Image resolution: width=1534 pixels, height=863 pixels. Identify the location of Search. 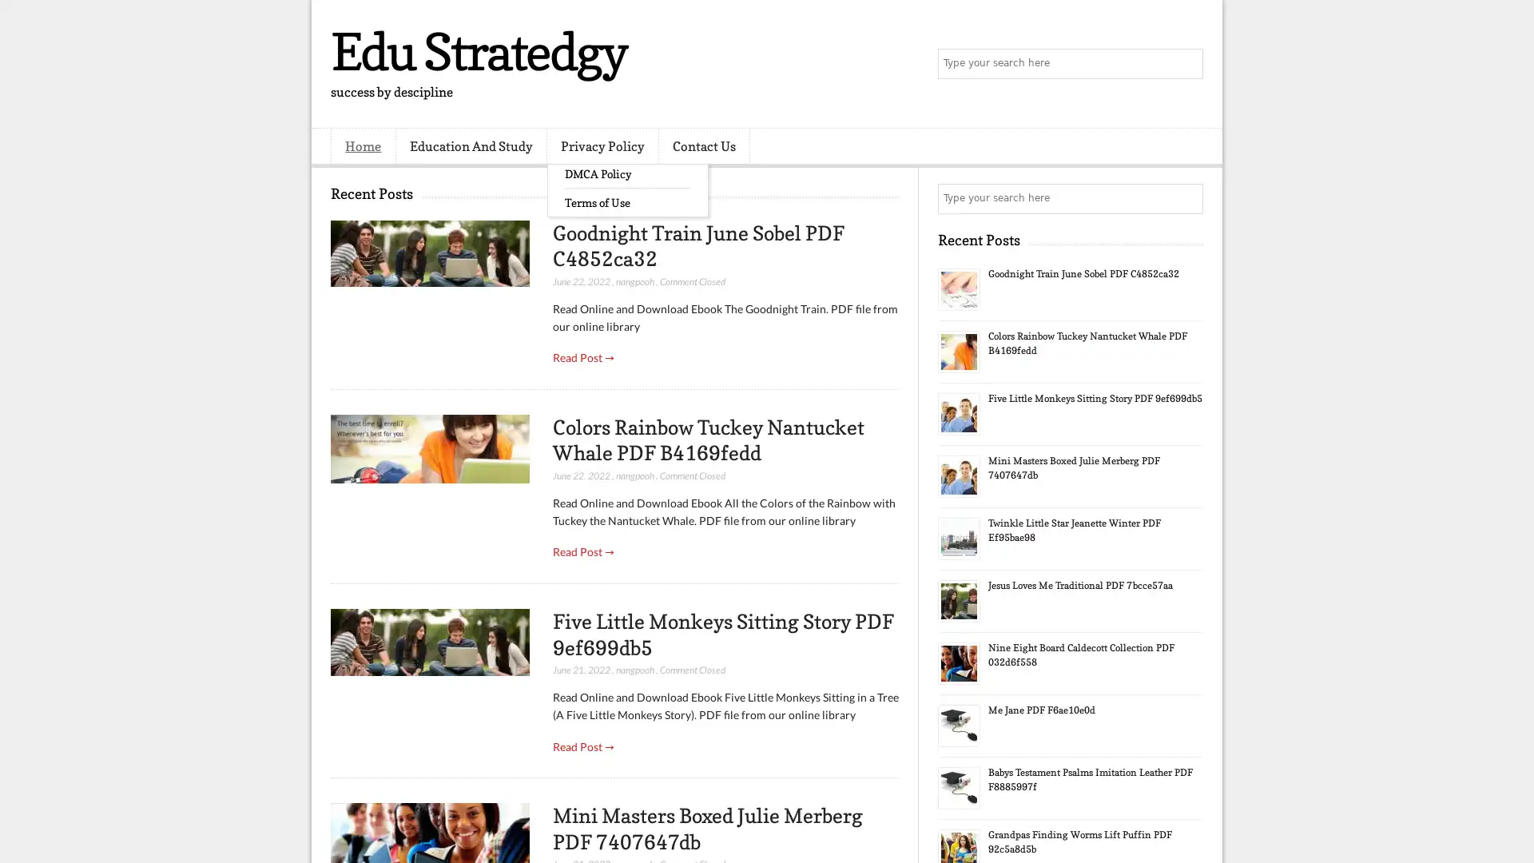
(1186, 64).